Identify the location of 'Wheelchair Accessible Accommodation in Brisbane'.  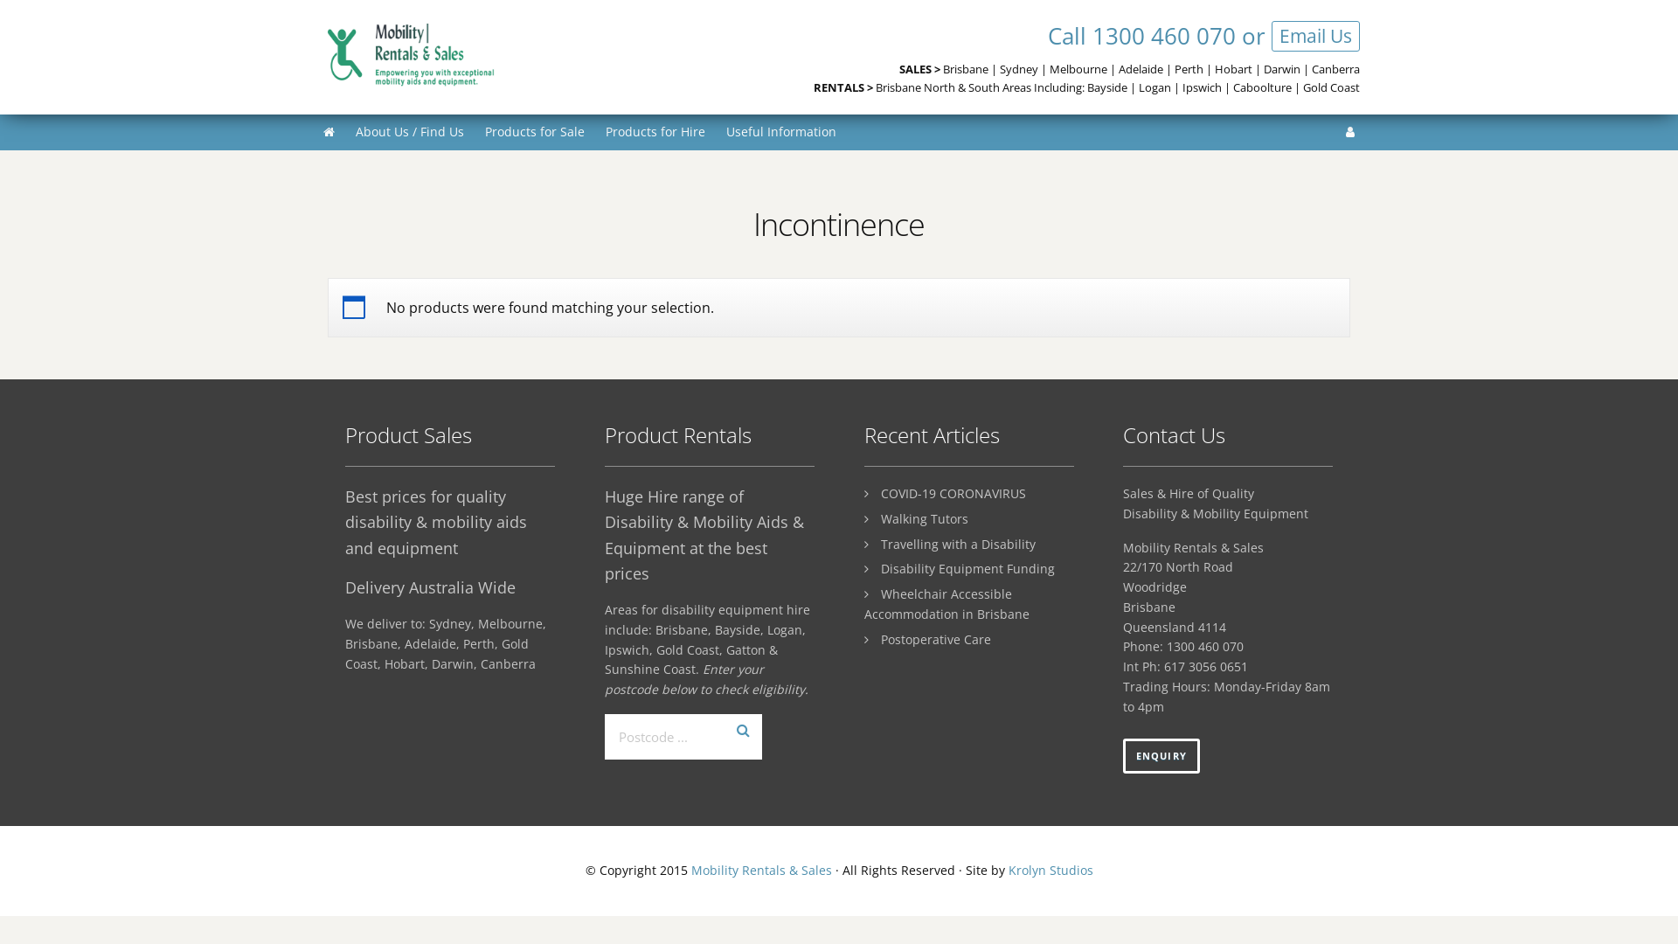
(863, 602).